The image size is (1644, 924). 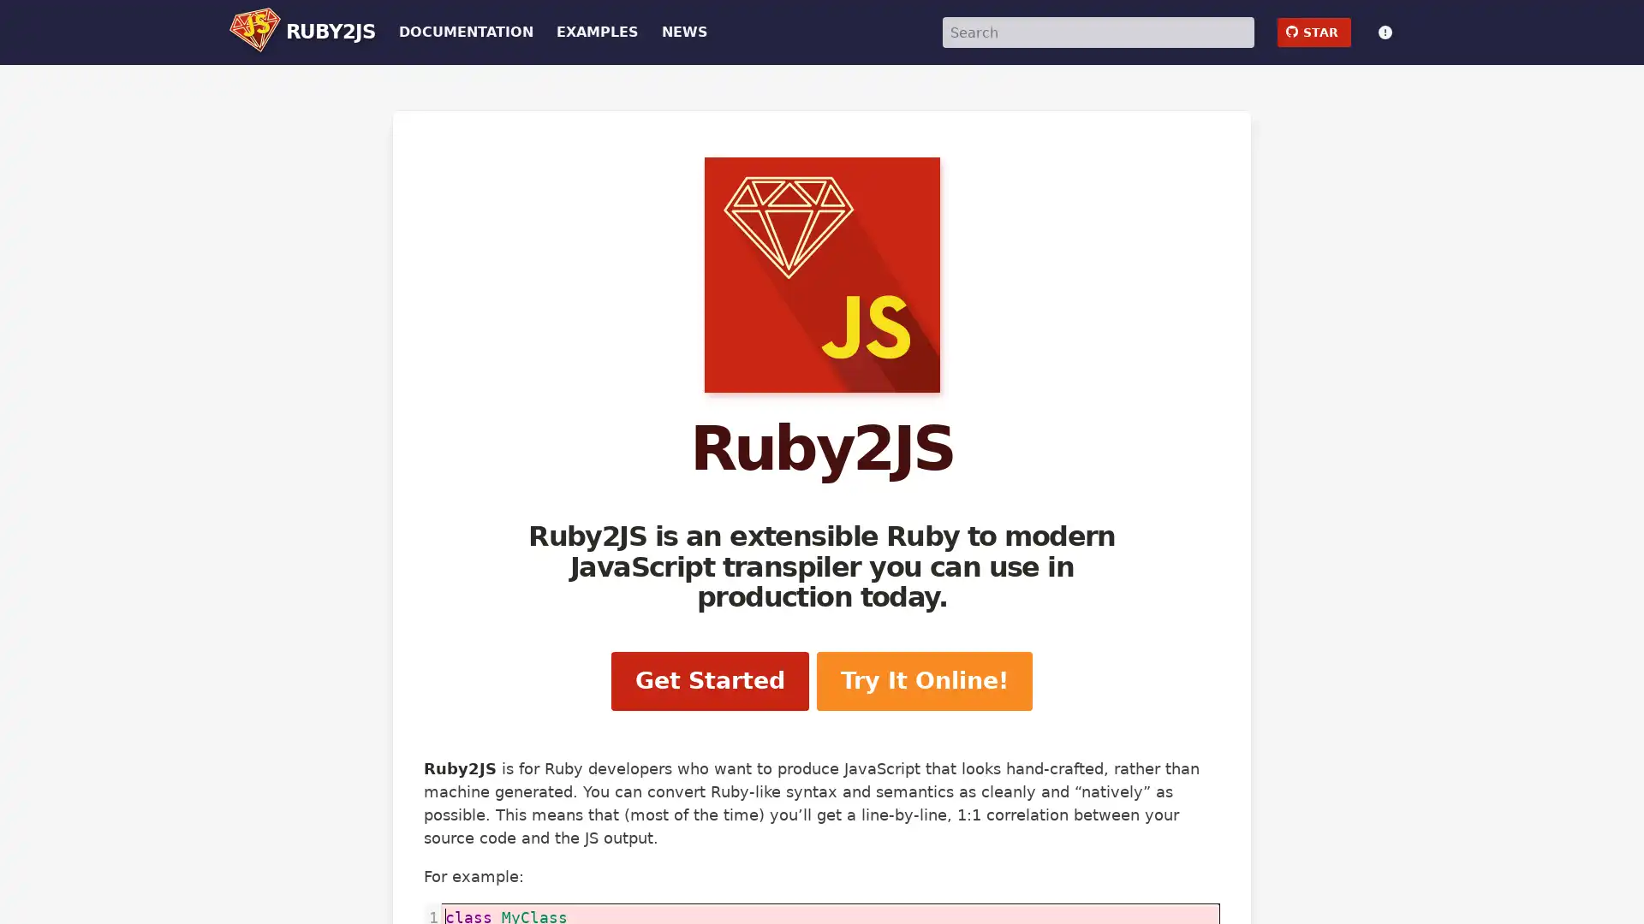 I want to click on github STAR, so click(x=1313, y=32).